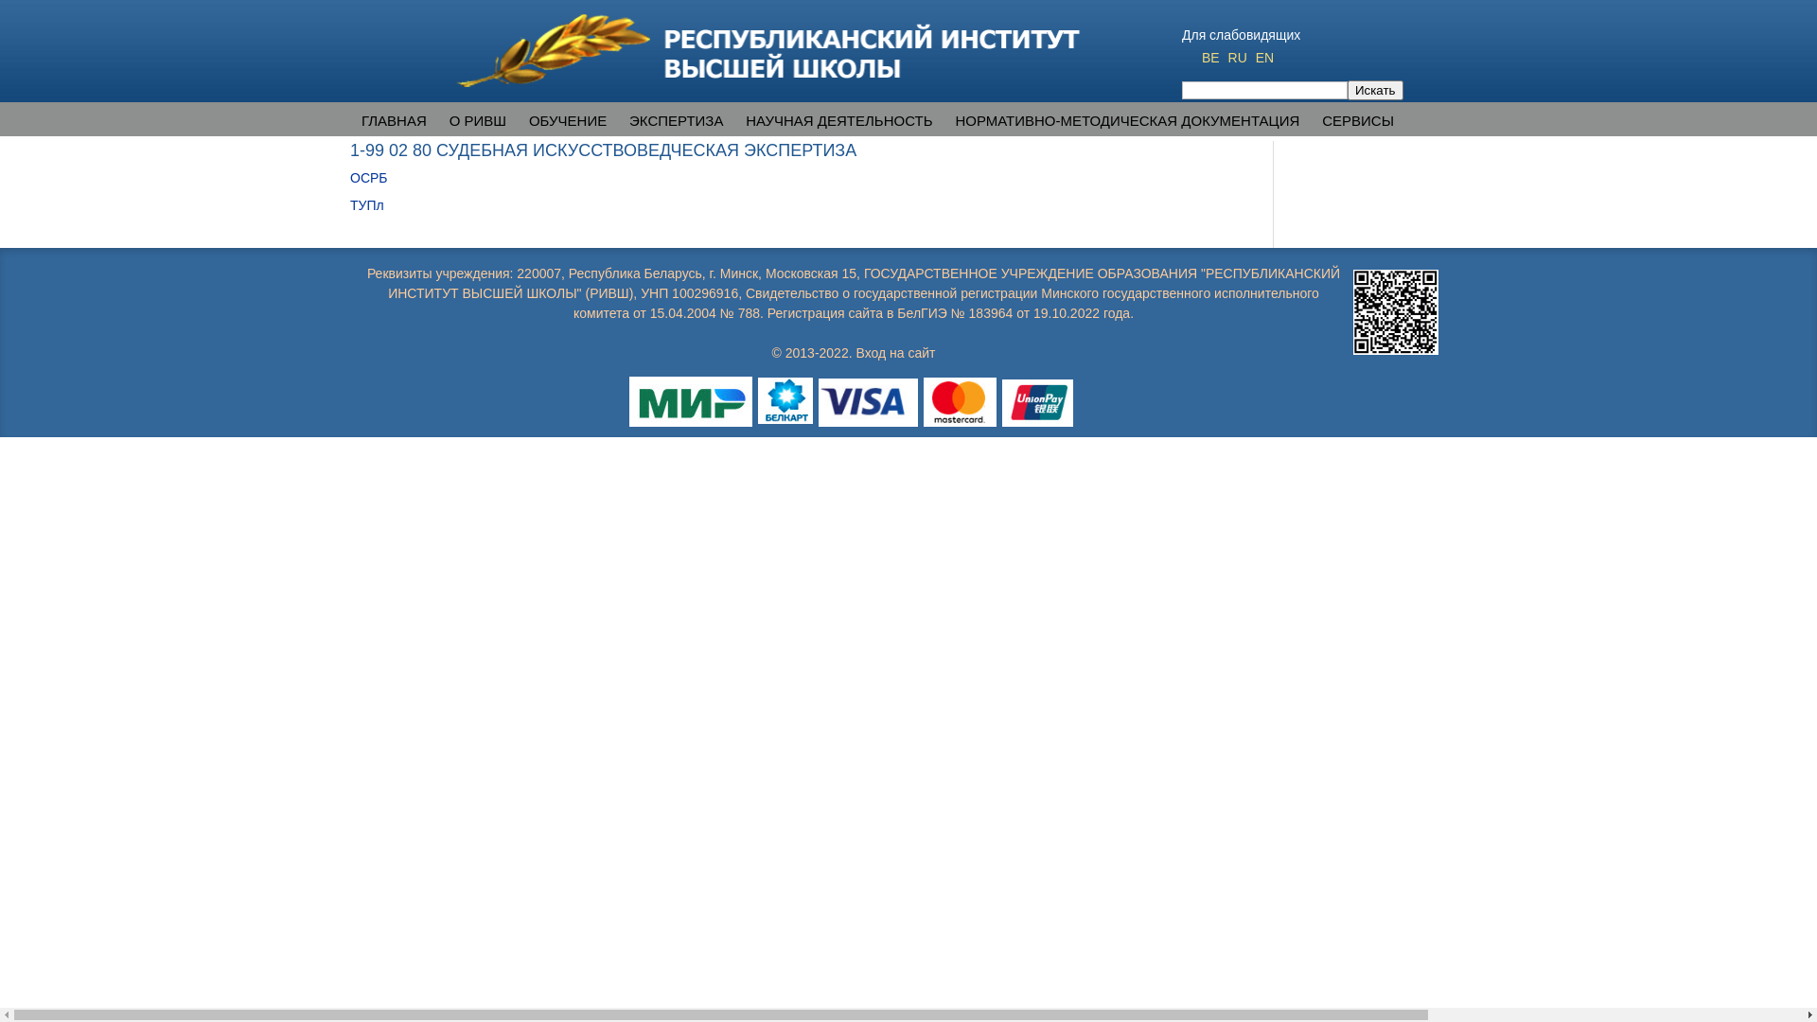  What do you see at coordinates (1212, 57) in the screenshot?
I see `'BE'` at bounding box center [1212, 57].